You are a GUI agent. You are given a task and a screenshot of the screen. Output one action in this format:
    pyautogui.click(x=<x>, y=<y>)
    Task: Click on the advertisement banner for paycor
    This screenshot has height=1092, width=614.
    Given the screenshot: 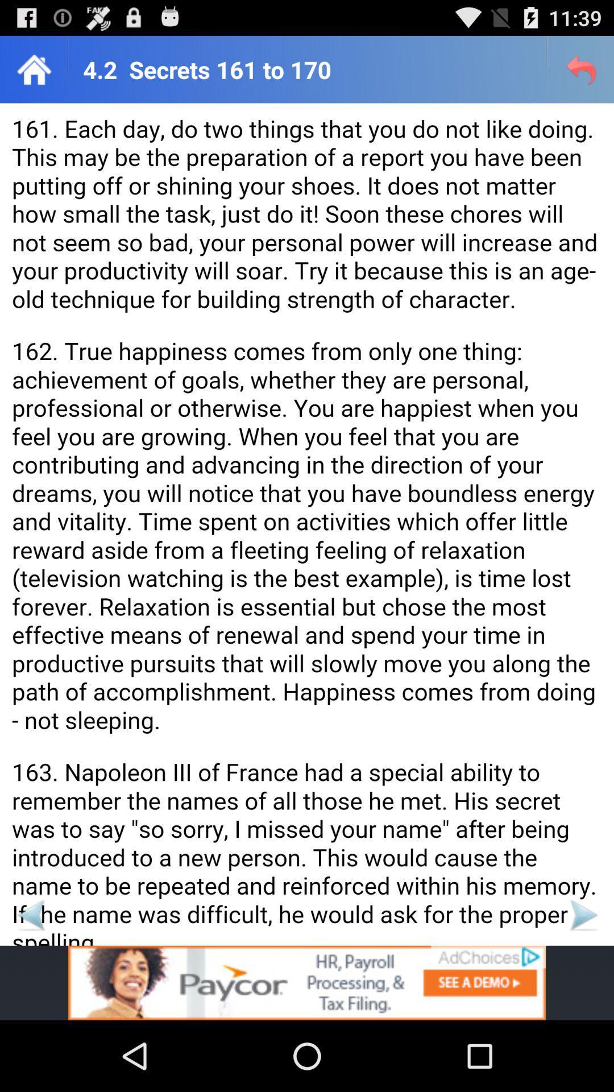 What is the action you would take?
    pyautogui.click(x=307, y=982)
    